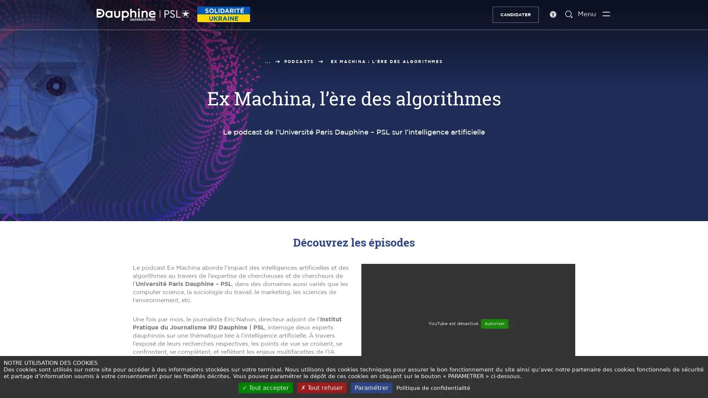  What do you see at coordinates (267, 61) in the screenshot?
I see `...` at bounding box center [267, 61].